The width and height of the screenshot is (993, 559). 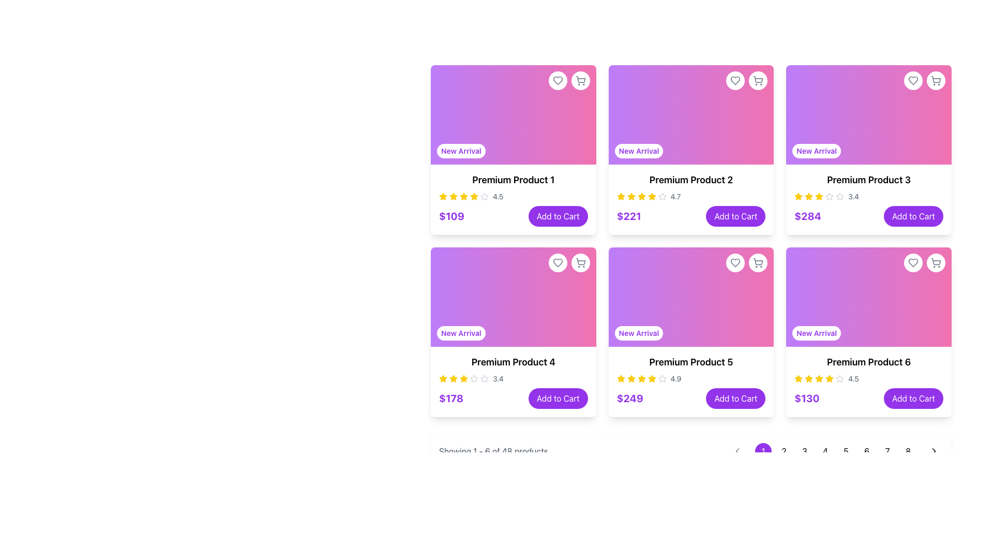 I want to click on text content of the title label for 'Premium Product 3', which is located in the top row, third column of the product card, positioned below the 'New Arrival' label and above the rating stars, price, and 'Add to Cart' button, so click(x=869, y=179).